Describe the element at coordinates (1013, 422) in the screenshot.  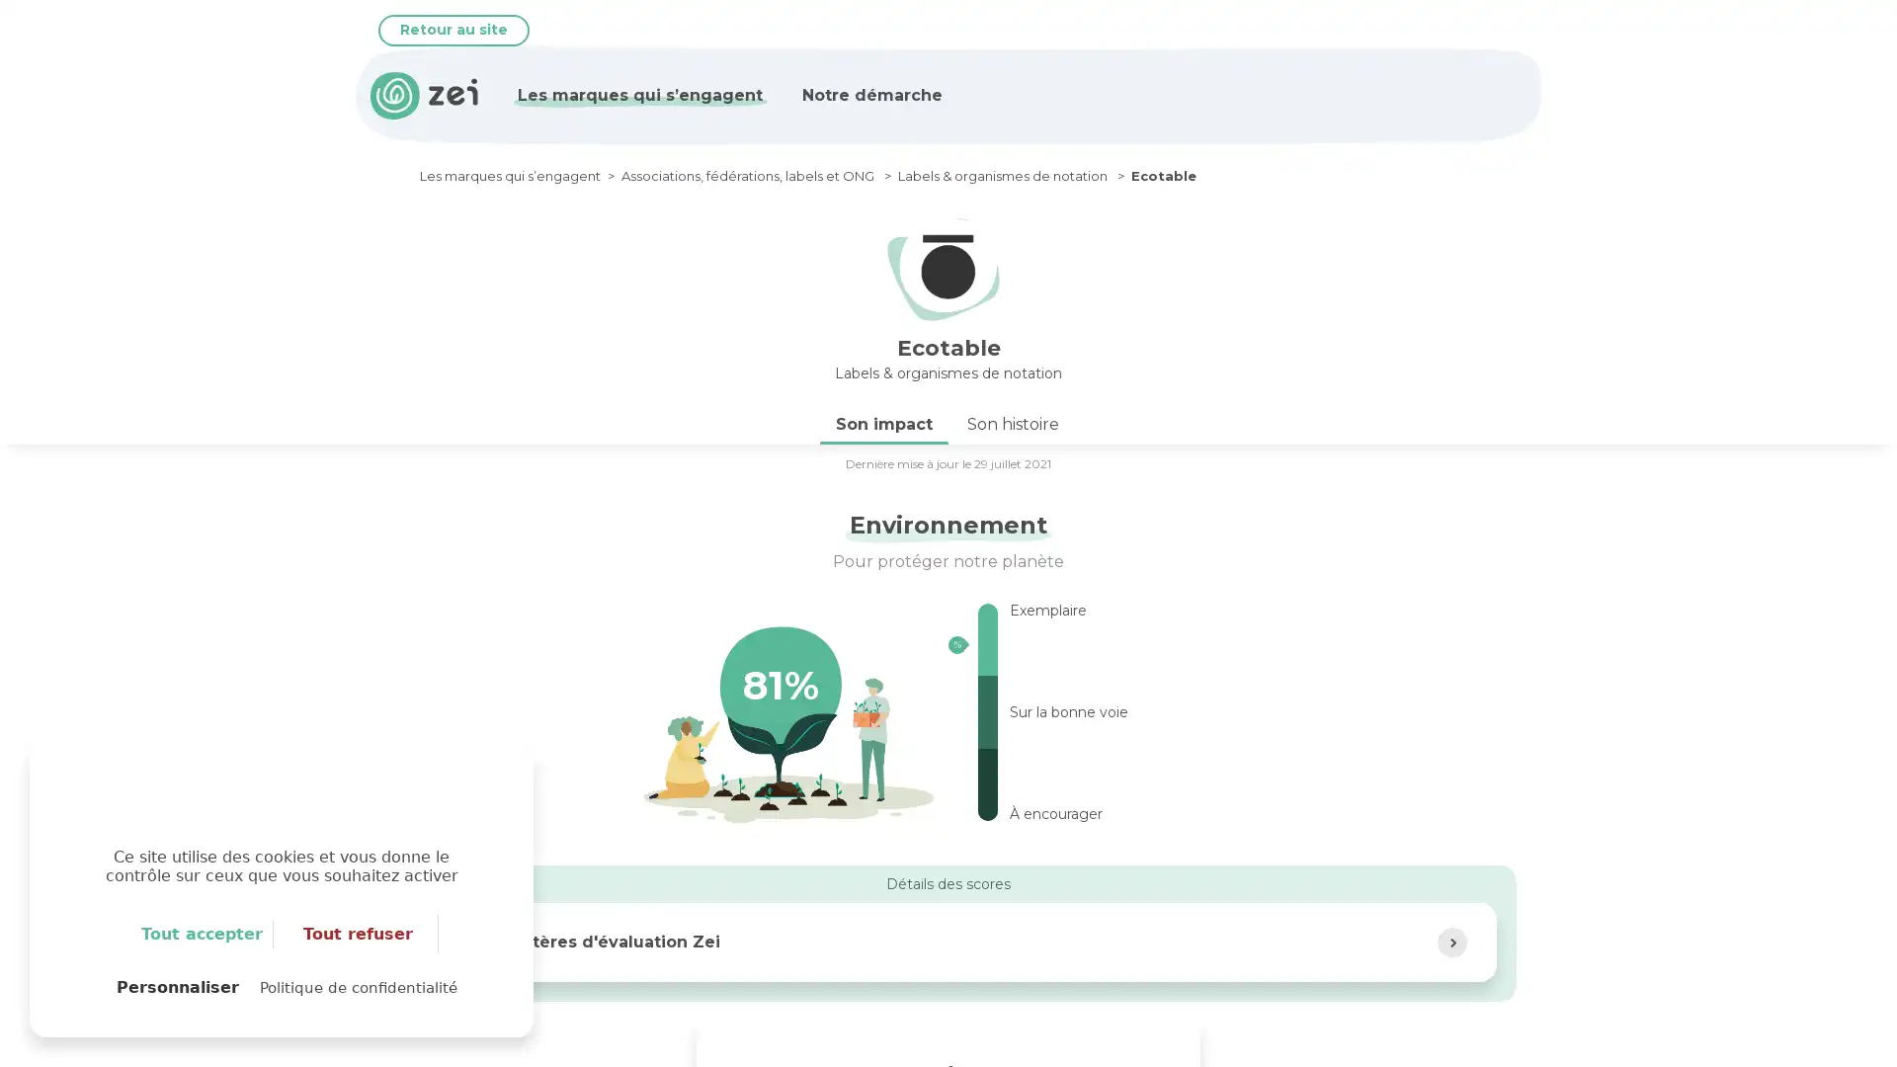
I see `Son histoire` at that location.